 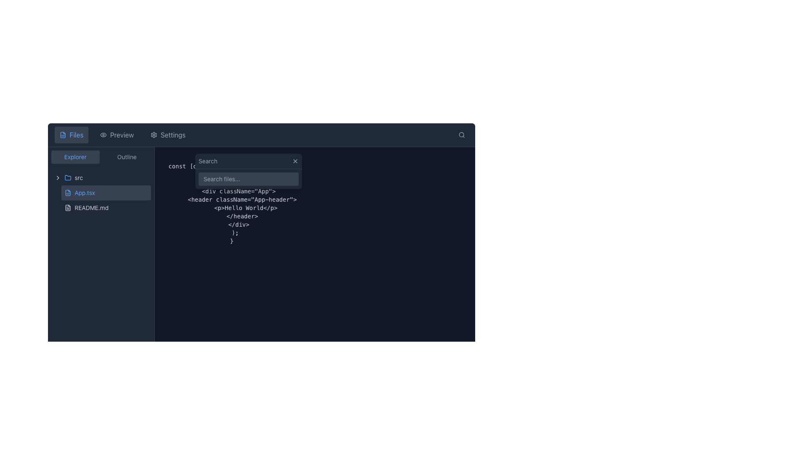 What do you see at coordinates (106, 207) in the screenshot?
I see `the 'README.md' file entry in the file list` at bounding box center [106, 207].